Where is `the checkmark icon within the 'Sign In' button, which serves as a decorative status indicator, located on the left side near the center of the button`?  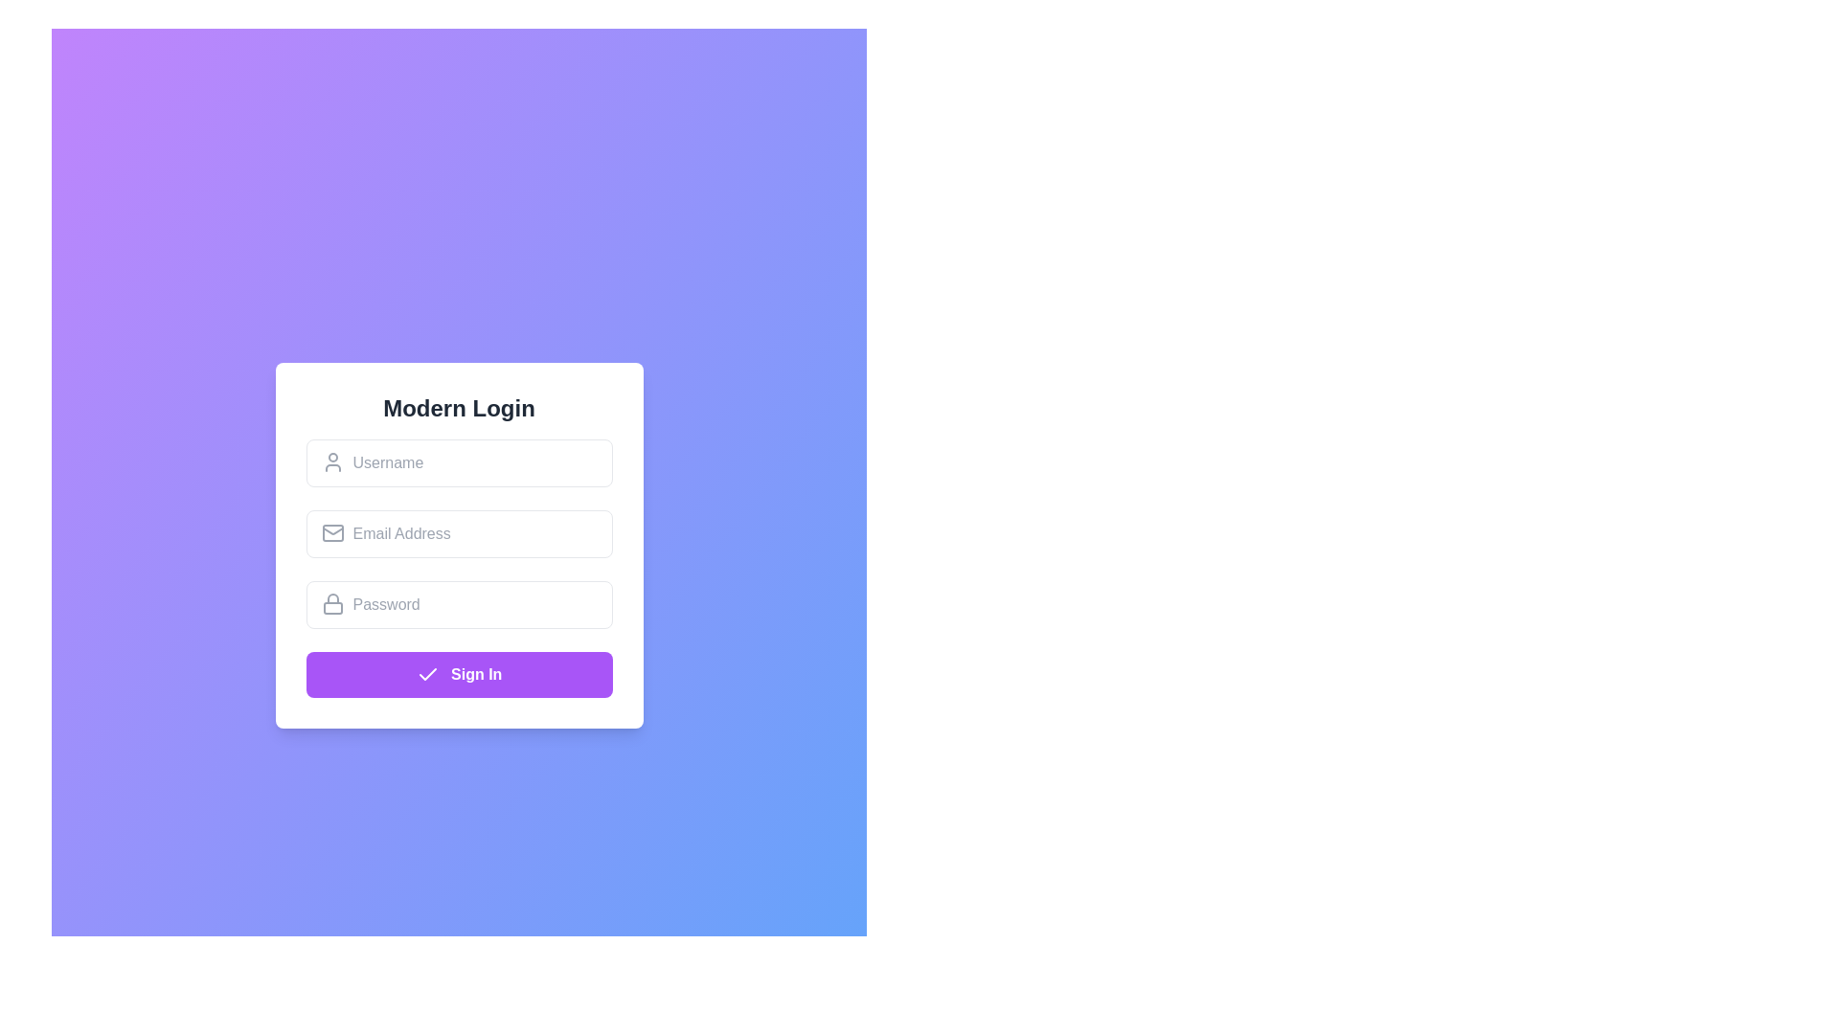
the checkmark icon within the 'Sign In' button, which serves as a decorative status indicator, located on the left side near the center of the button is located at coordinates (426, 674).